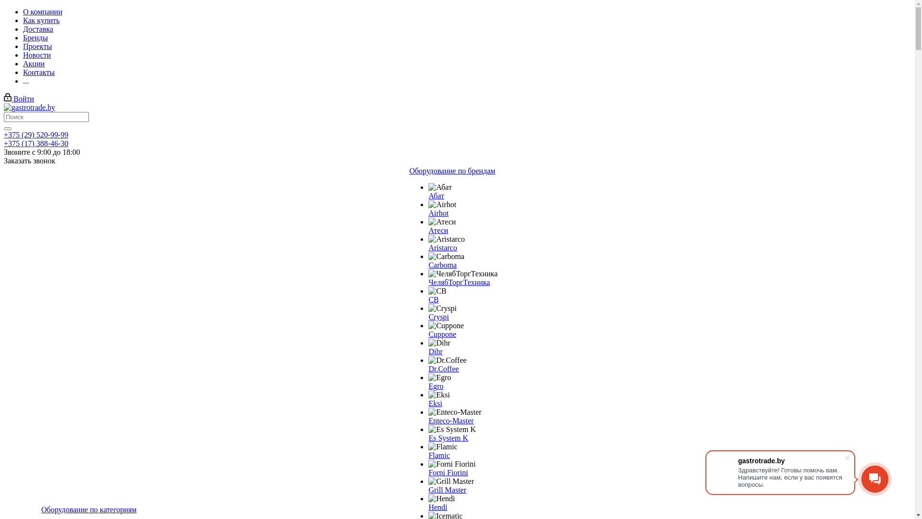 The height and width of the screenshot is (519, 922). Describe the element at coordinates (438, 317) in the screenshot. I see `'Cryspi'` at that location.